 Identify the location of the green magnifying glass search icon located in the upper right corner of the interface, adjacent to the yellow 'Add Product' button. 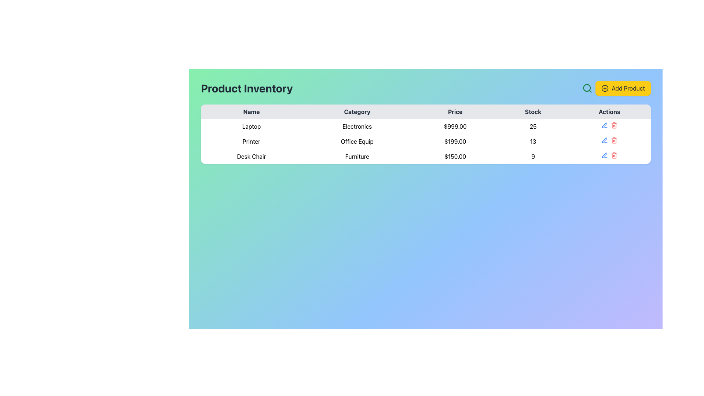
(587, 88).